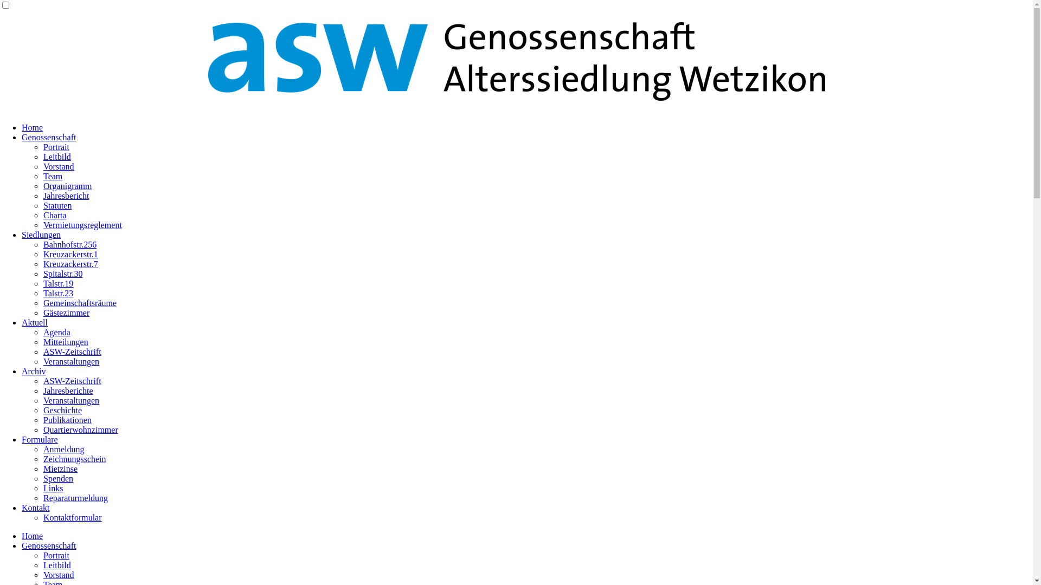  I want to click on 'Reparaturmeldung', so click(75, 498).